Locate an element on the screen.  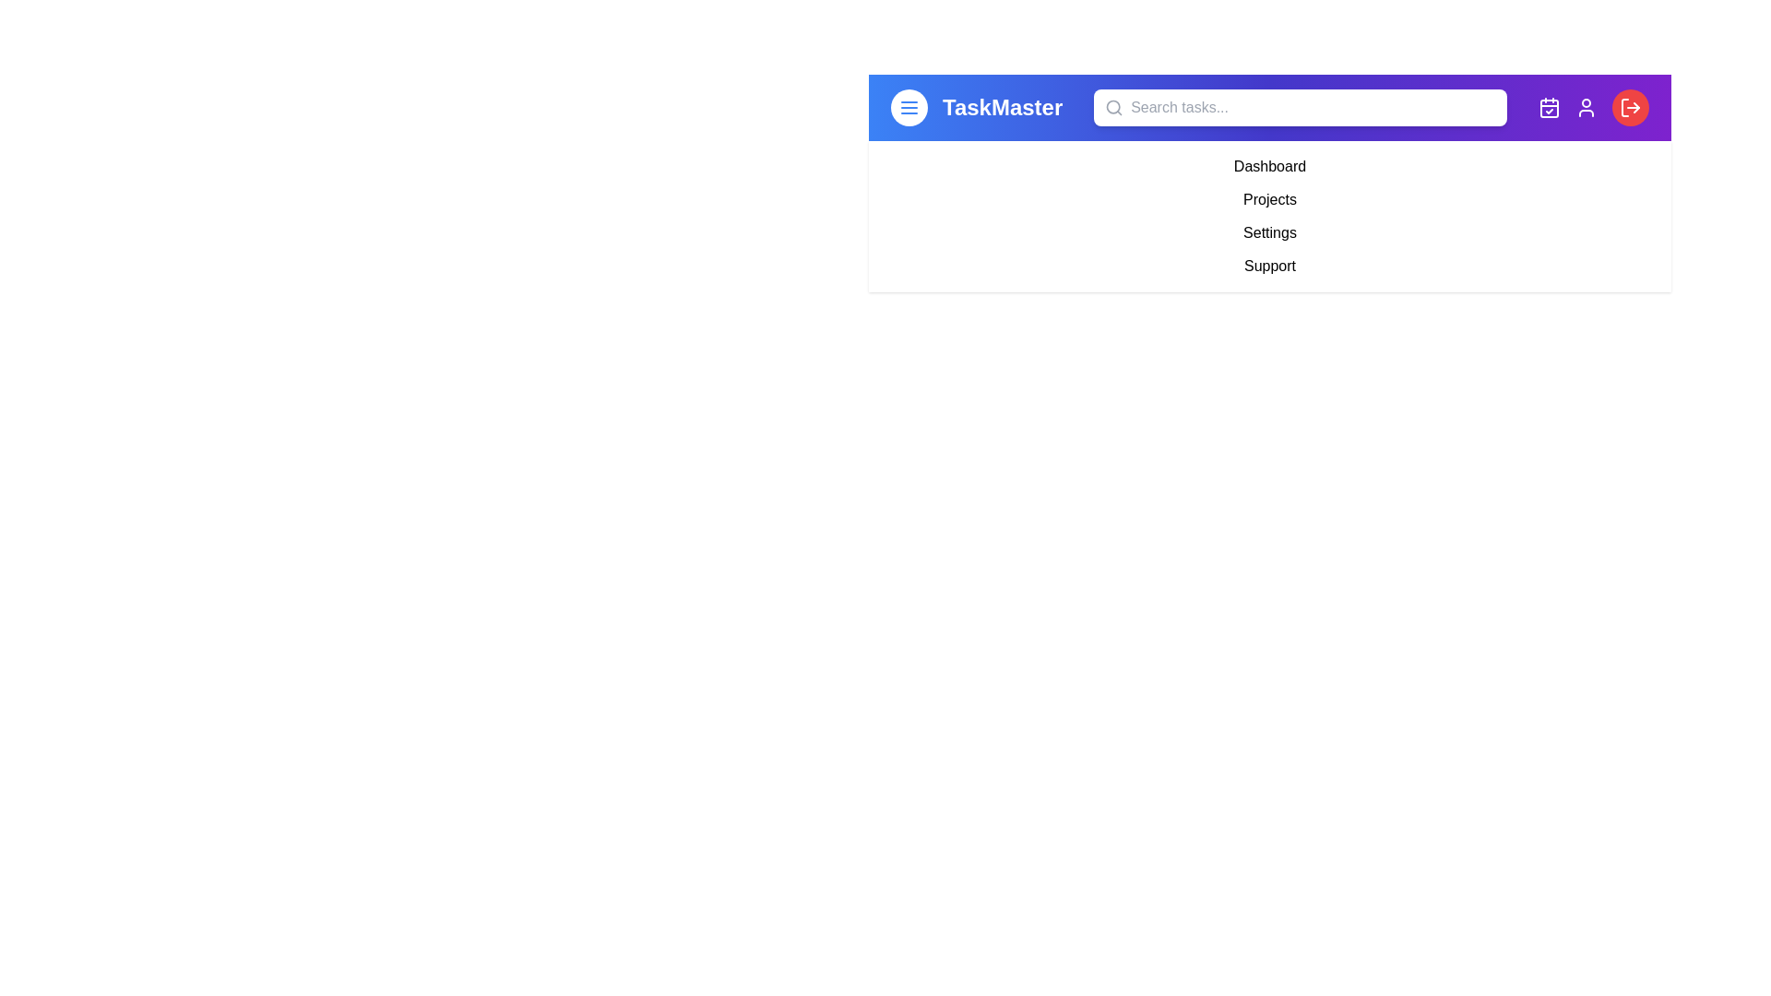
the 'Settings' menu item to navigate to the settings page is located at coordinates (1269, 232).